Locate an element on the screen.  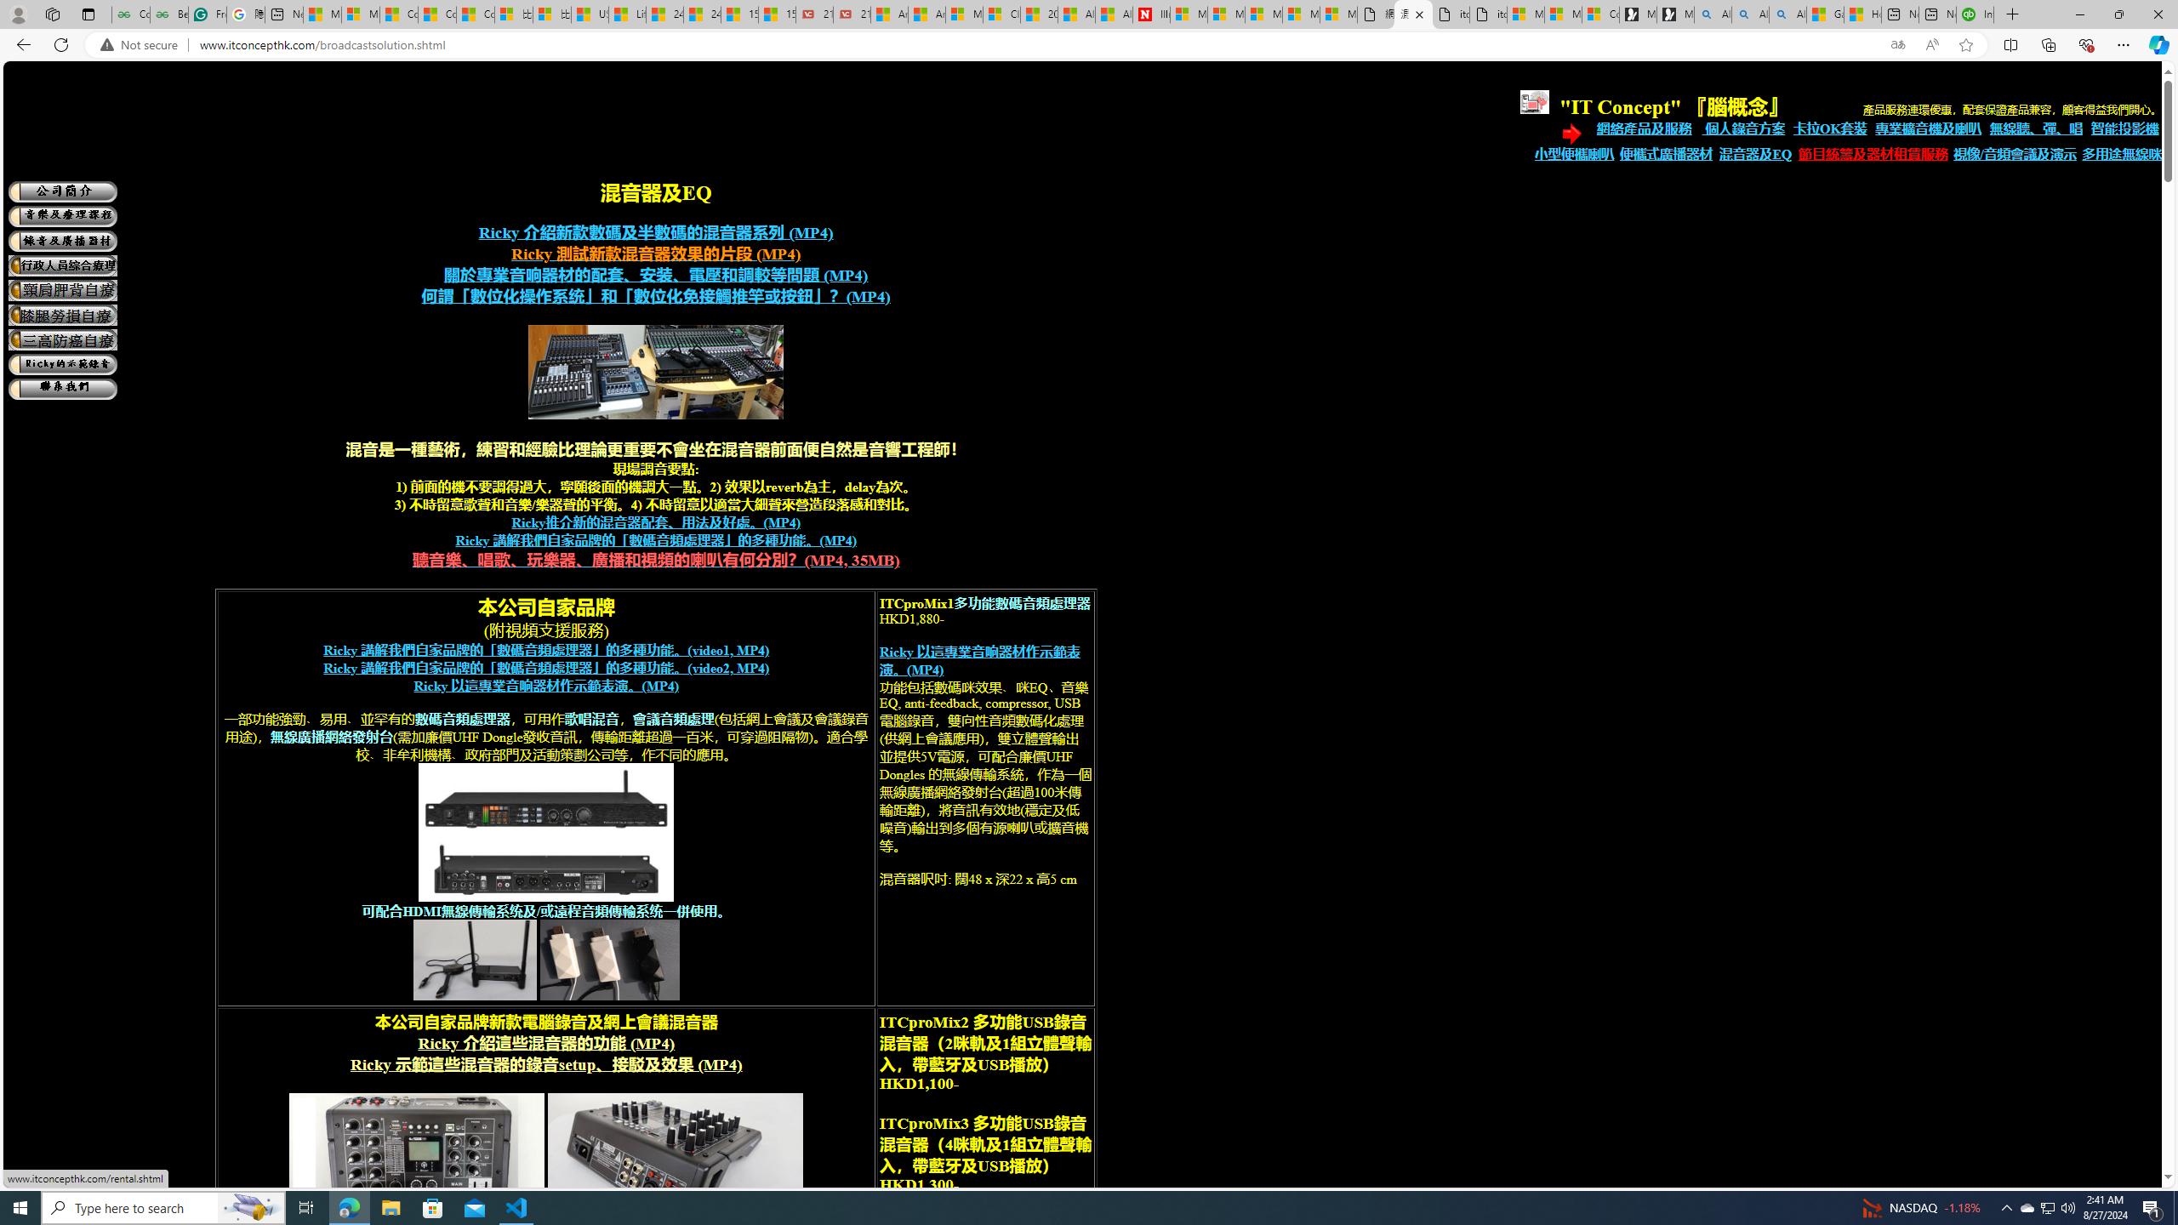
'Free AI Writing Assistance for Students | Grammarly' is located at coordinates (206, 14).